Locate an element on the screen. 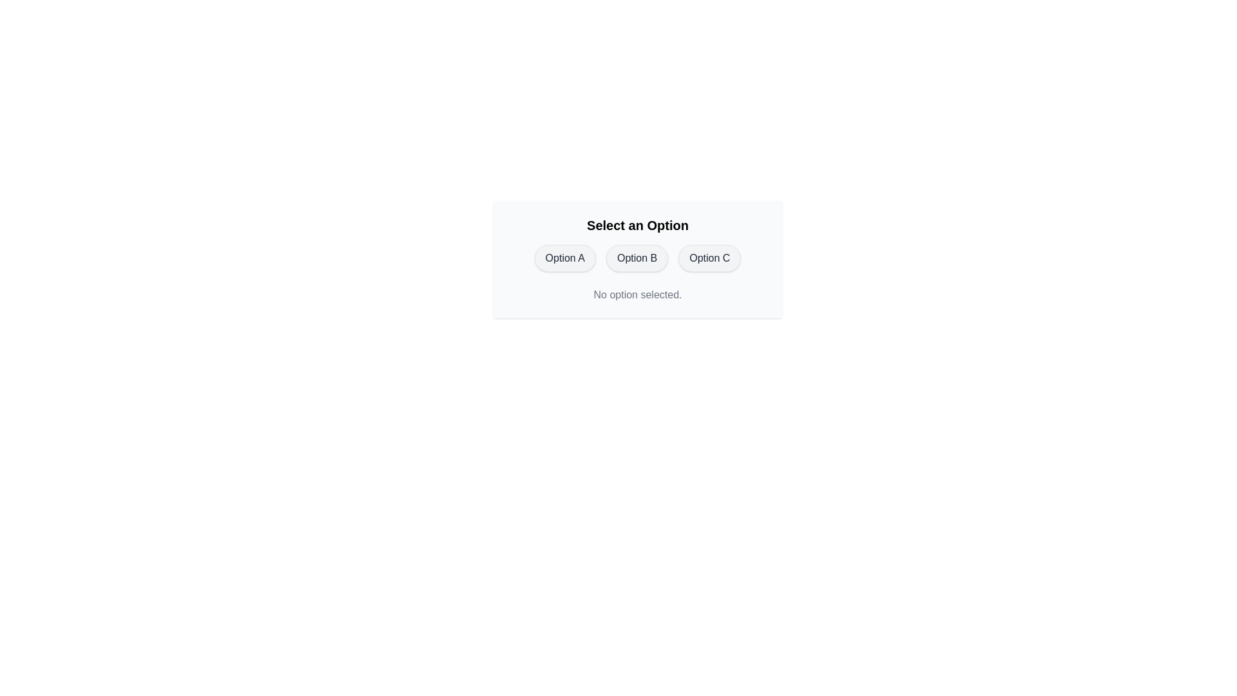 This screenshot has height=696, width=1237. the button corresponding to Option C to select it is located at coordinates (708, 258).